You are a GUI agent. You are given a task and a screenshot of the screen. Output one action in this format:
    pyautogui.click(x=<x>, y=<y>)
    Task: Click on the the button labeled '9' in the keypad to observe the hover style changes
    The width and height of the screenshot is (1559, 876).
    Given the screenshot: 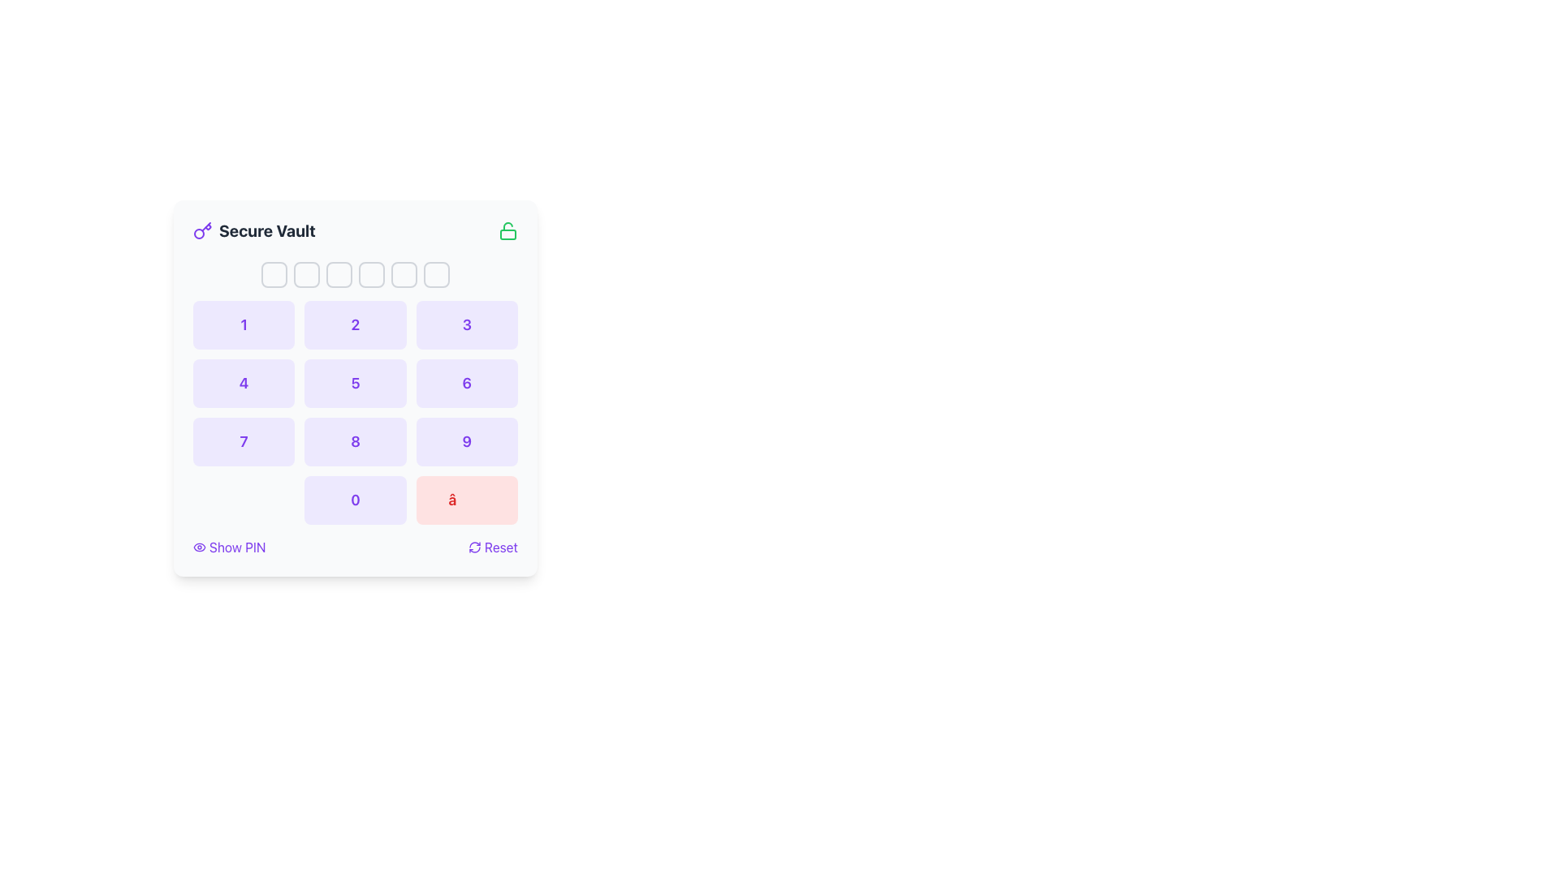 What is the action you would take?
    pyautogui.click(x=466, y=441)
    